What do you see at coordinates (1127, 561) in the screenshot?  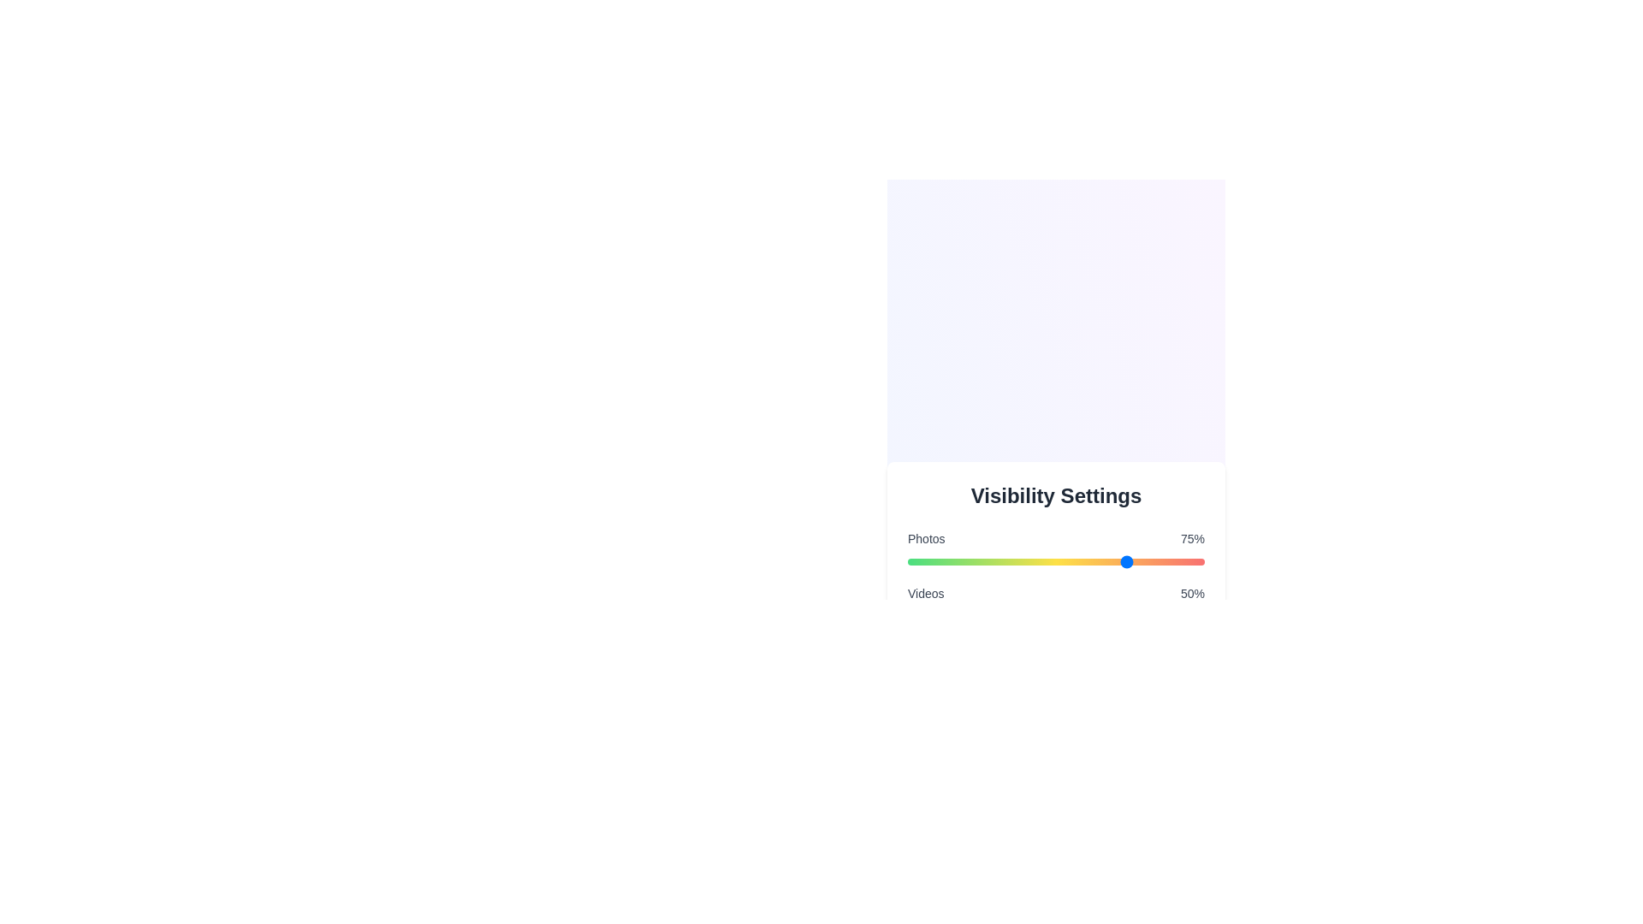 I see `the visibility percentage for a category by setting the slider to 74` at bounding box center [1127, 561].